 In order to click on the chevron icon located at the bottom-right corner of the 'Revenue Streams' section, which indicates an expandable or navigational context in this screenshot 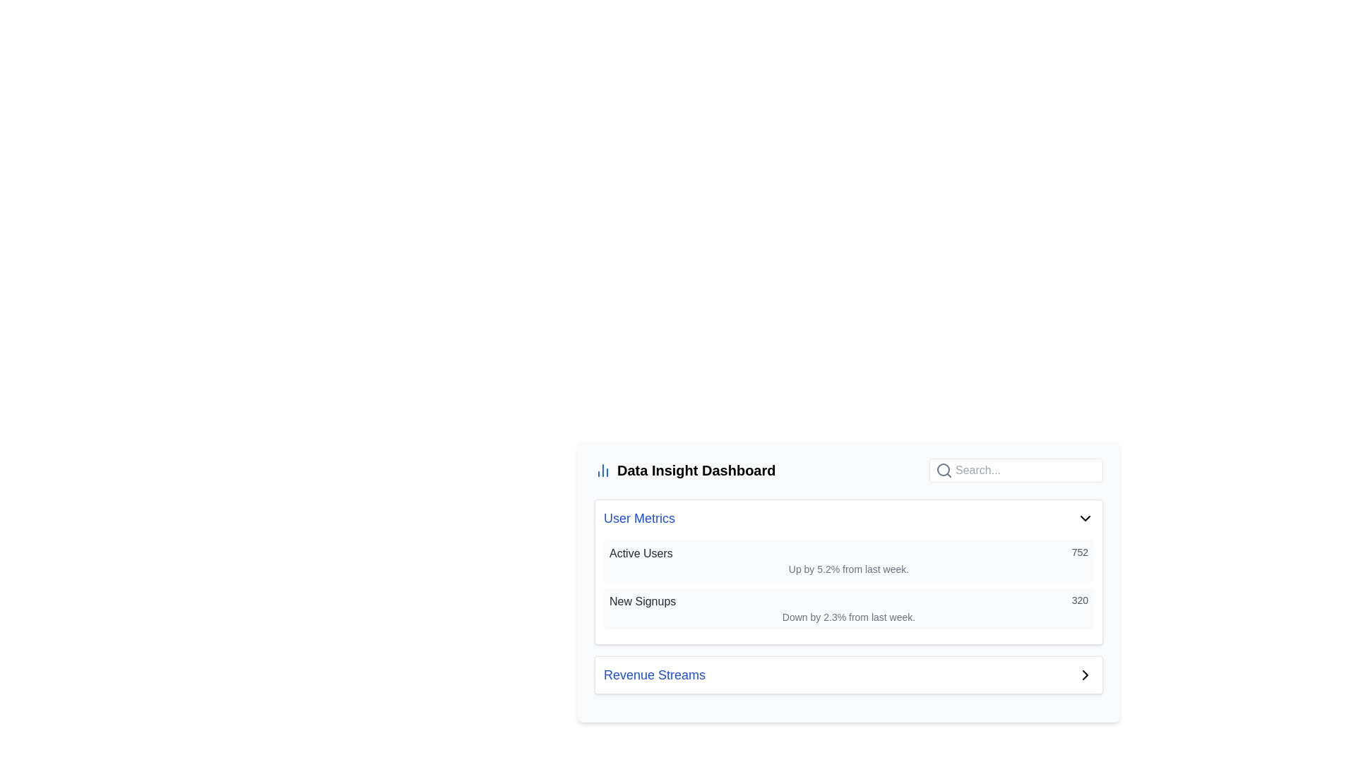, I will do `click(1084, 674)`.